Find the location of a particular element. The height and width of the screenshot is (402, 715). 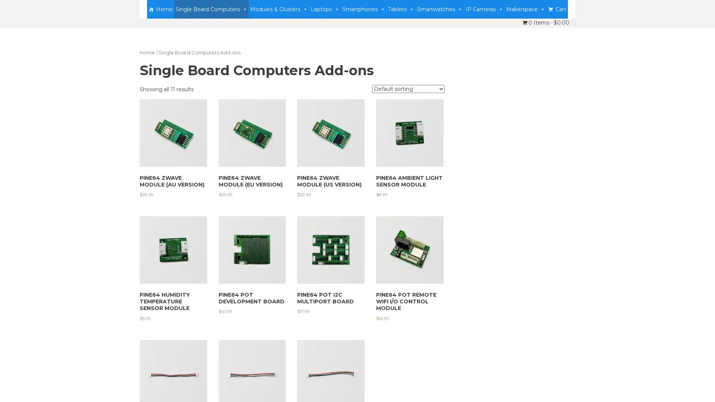

Accept is located at coordinates (471, 390).